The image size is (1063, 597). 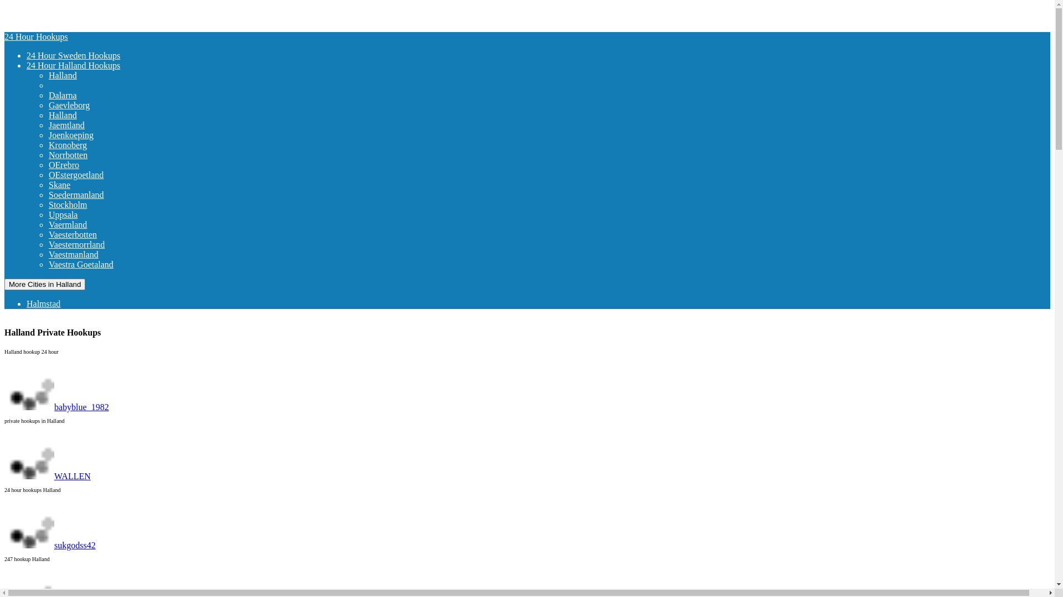 I want to click on 'Vaesterbotten', so click(x=92, y=234).